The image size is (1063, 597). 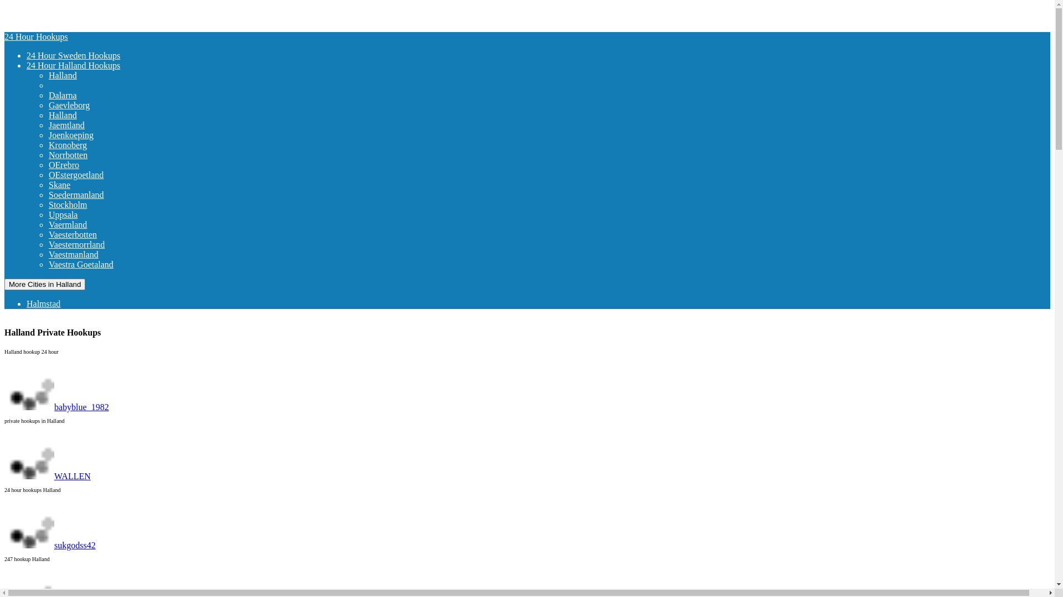 I want to click on 'Vaesterbotten', so click(x=92, y=234).